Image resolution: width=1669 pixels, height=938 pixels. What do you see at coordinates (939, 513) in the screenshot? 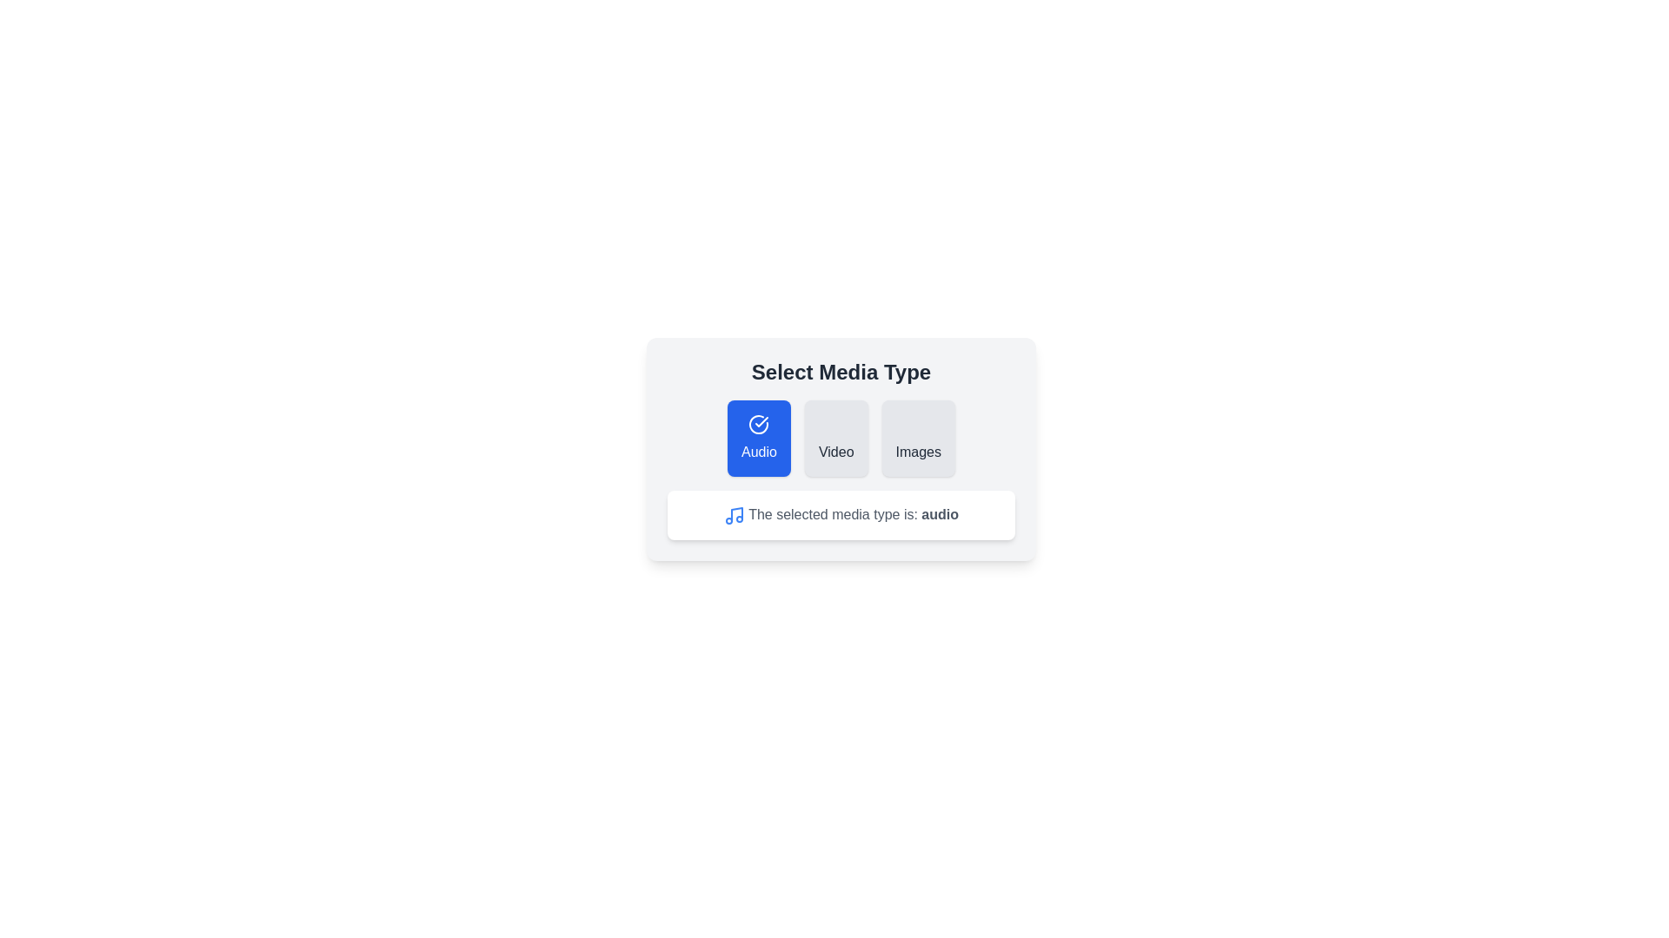
I see `the text label displaying the word 'audio' which is part of the message 'The selected media type is: audio' located beneath the section titled 'Select Media Type'` at bounding box center [939, 513].